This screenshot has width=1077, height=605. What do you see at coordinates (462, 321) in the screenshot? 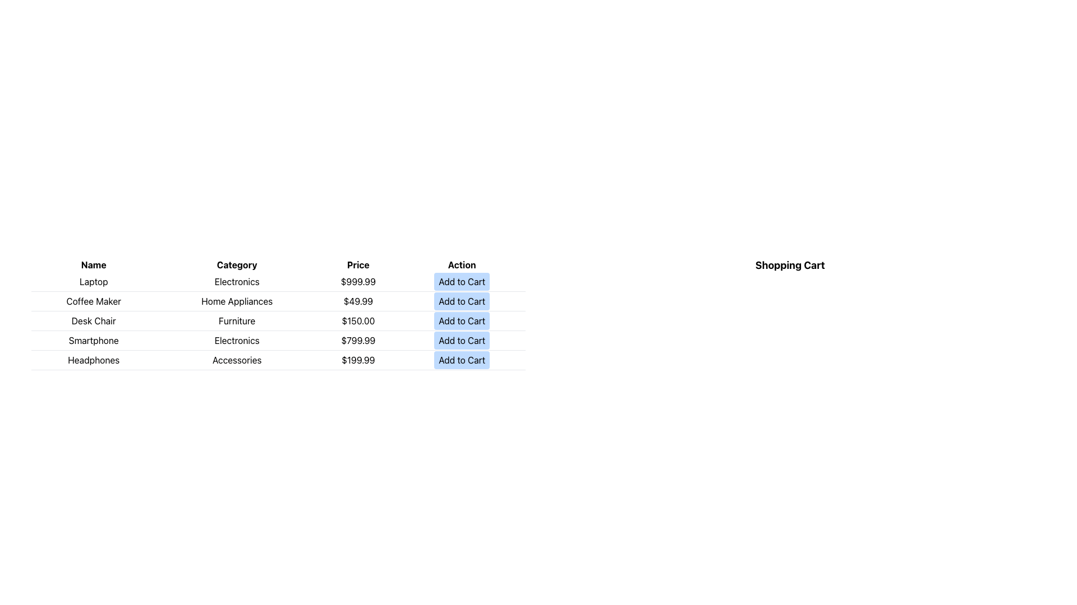
I see `the 'Add to Cart' button located in the 'Action' column of the table for the item 'Desk Chair'` at bounding box center [462, 321].